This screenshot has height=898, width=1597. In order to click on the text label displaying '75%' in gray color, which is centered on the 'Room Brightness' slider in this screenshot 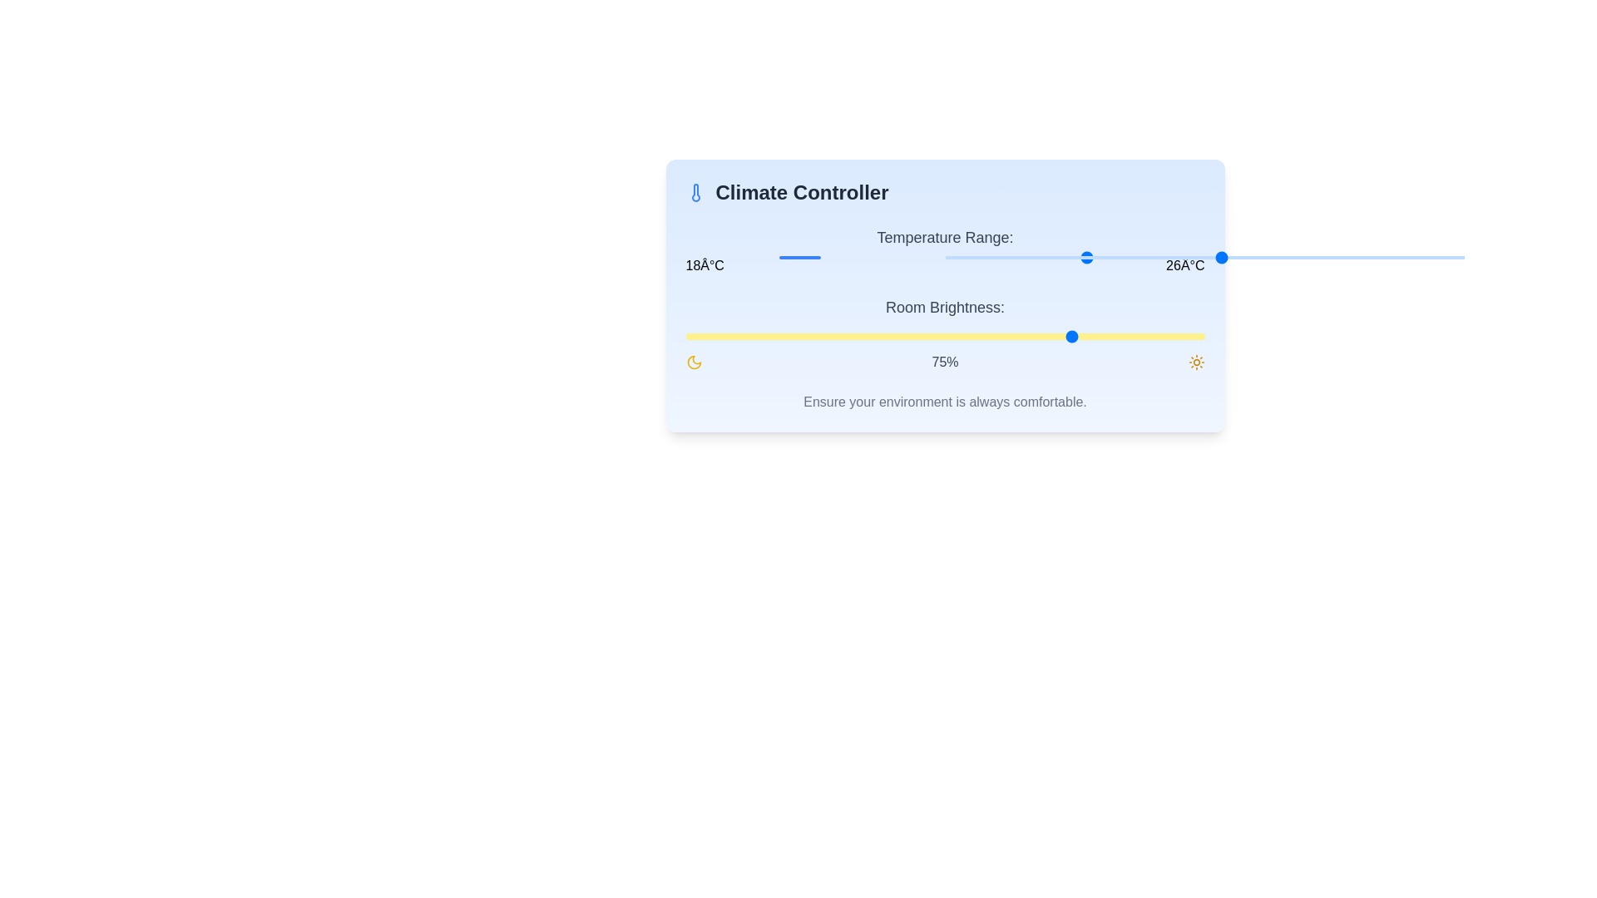, I will do `click(945, 361)`.